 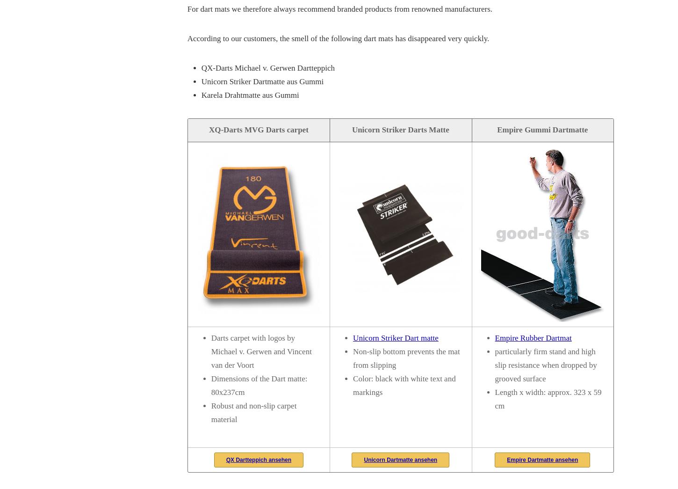 I want to click on 'Robust and non-slip carpet material', so click(x=253, y=412).